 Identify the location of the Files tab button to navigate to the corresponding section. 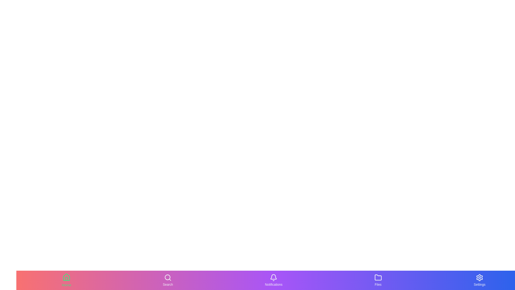
(378, 280).